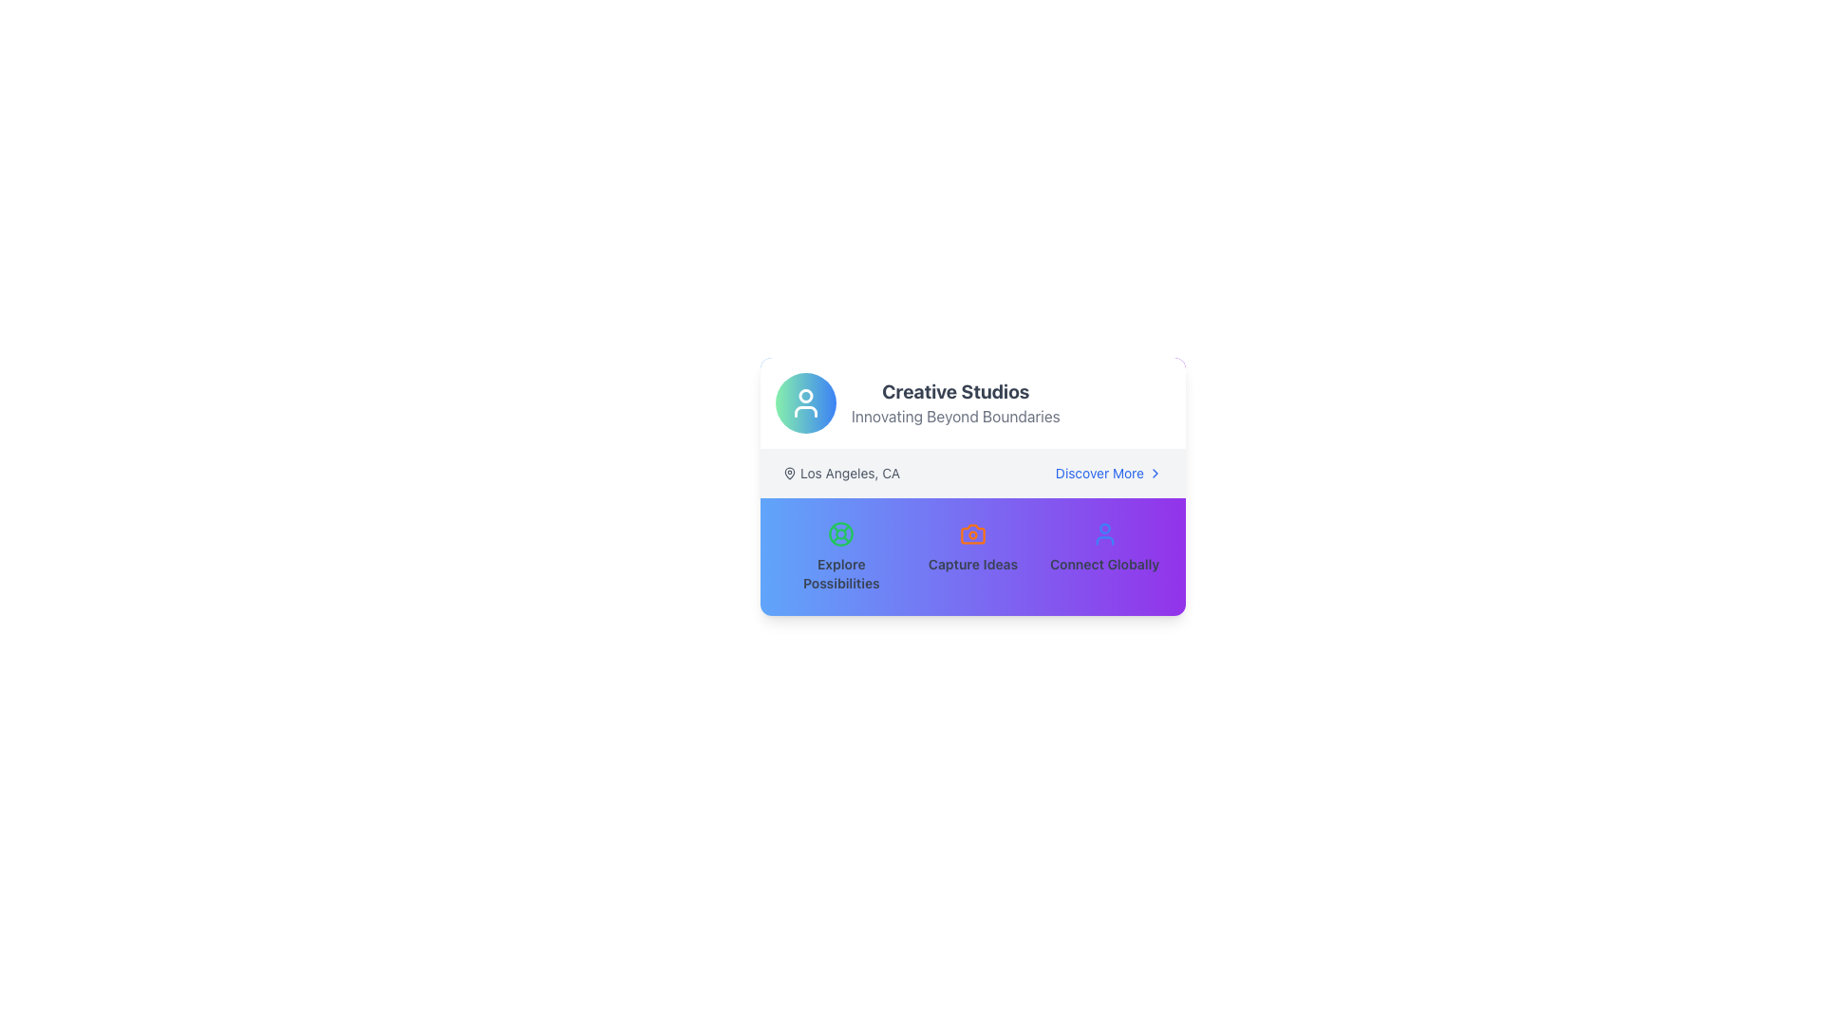  I want to click on the green life buoy icon labeled 'Explore Possibilities', which is the first of three options in a row, positioned on the far left, so click(840, 555).